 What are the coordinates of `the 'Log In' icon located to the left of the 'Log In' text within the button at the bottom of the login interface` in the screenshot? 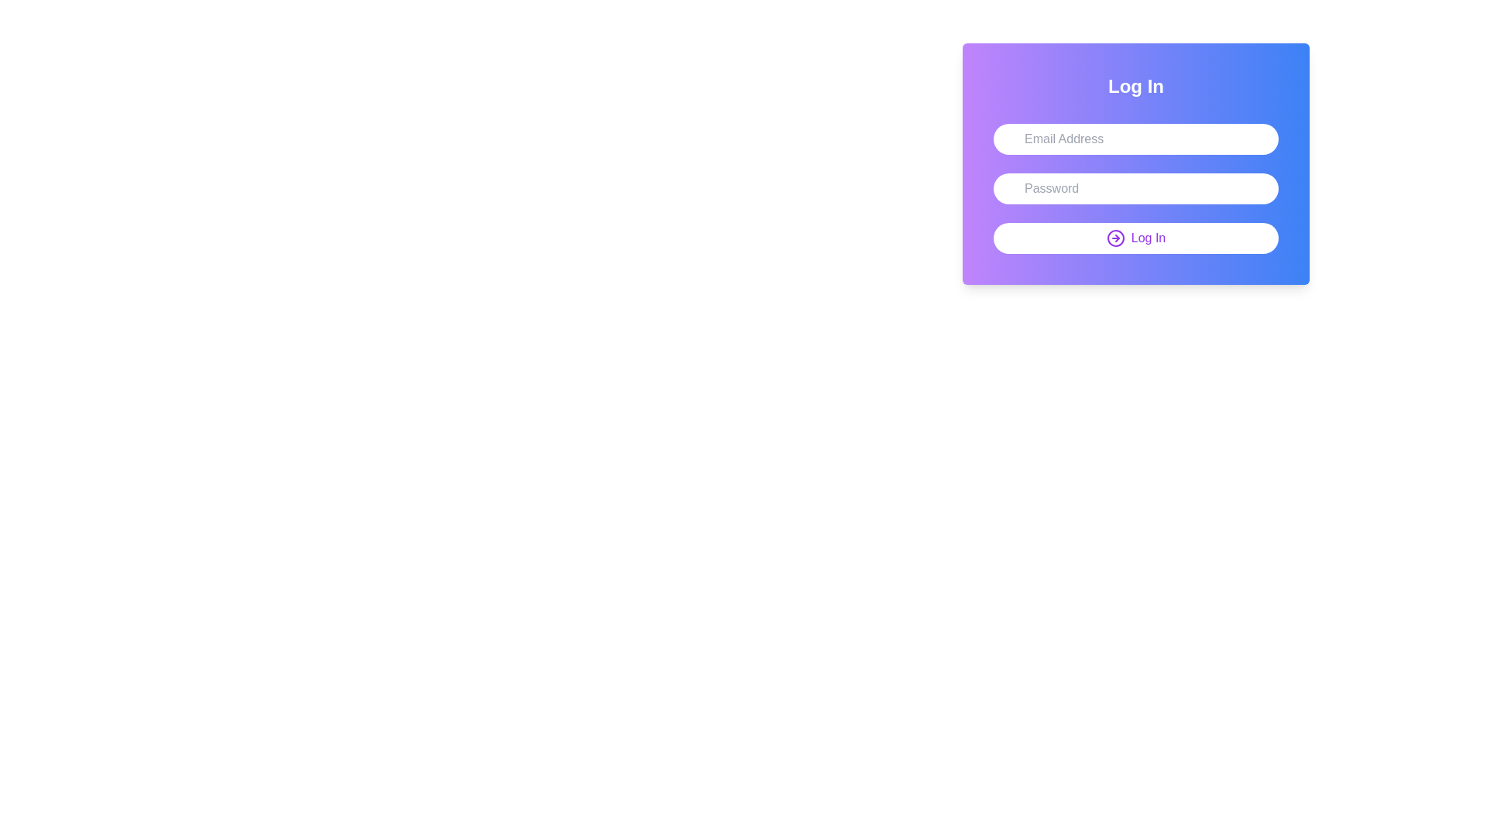 It's located at (1115, 238).